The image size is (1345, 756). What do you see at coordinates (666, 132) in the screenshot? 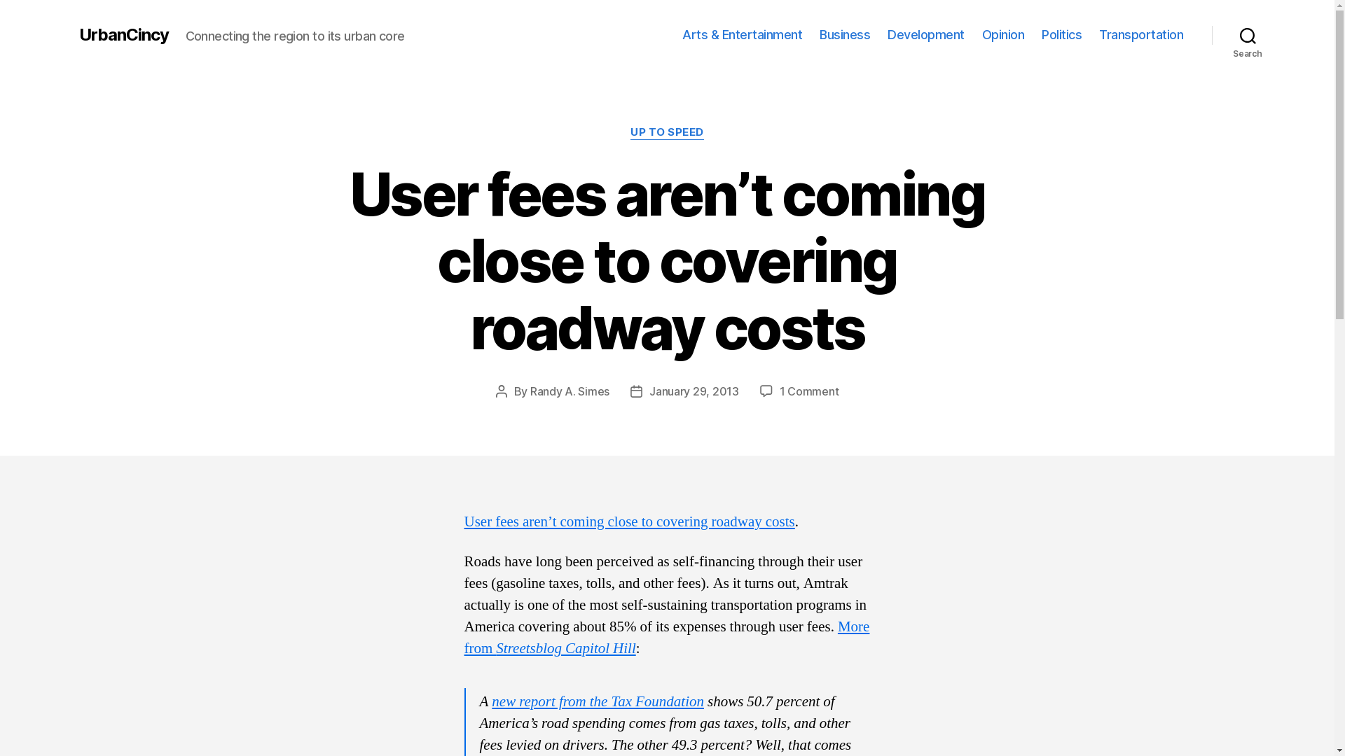
I see `'UP TO SPEED'` at bounding box center [666, 132].